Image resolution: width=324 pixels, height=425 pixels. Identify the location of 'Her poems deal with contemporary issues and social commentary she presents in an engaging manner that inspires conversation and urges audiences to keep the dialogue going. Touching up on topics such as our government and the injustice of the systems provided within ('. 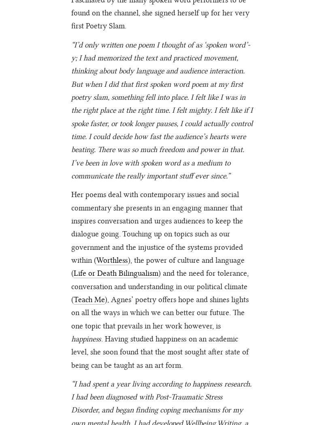
(157, 227).